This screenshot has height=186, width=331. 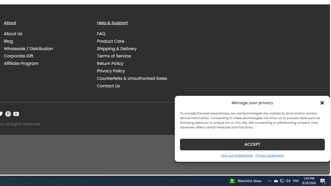 What do you see at coordinates (252, 144) in the screenshot?
I see `'ACCEPT'` at bounding box center [252, 144].